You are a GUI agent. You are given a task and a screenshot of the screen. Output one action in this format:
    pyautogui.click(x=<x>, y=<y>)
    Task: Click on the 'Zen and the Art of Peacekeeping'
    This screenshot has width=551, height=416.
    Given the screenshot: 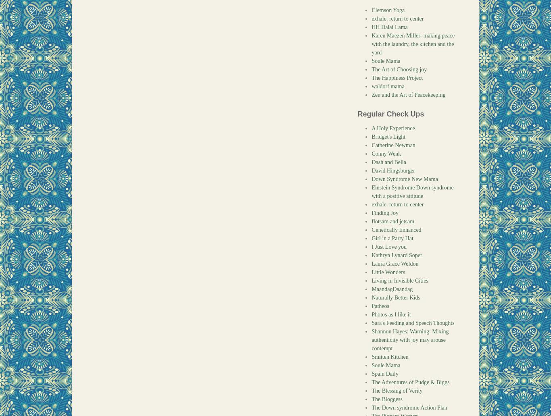 What is the action you would take?
    pyautogui.click(x=408, y=94)
    